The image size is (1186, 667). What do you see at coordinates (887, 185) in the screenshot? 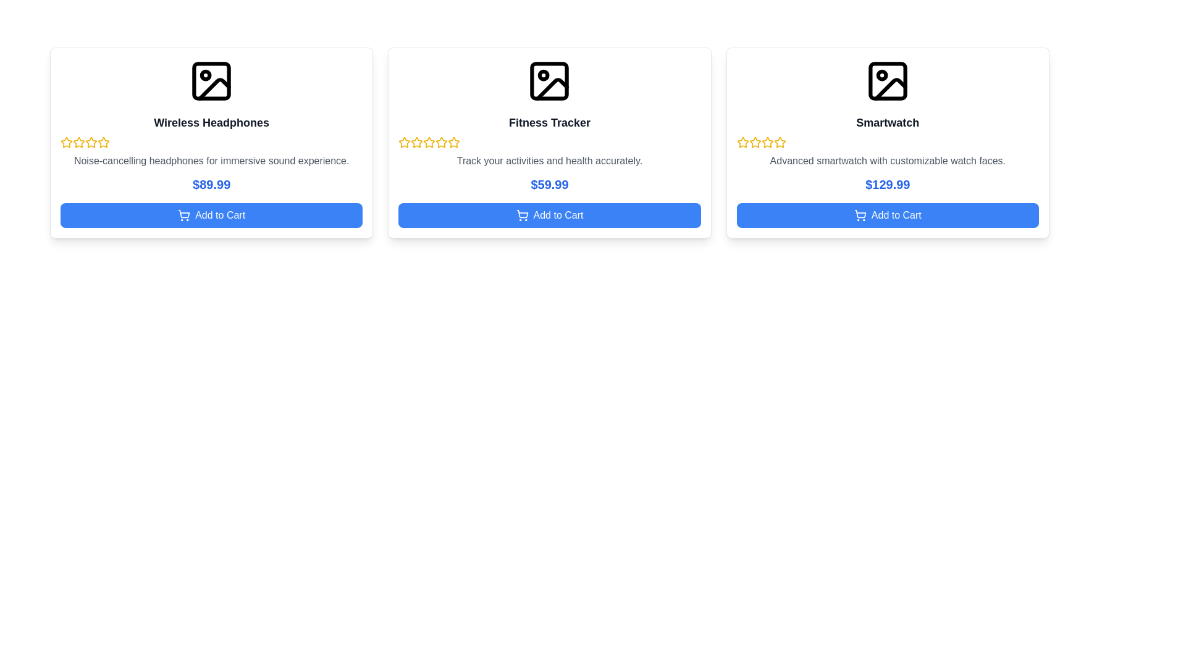
I see `the price label of the Smartwatch product` at bounding box center [887, 185].